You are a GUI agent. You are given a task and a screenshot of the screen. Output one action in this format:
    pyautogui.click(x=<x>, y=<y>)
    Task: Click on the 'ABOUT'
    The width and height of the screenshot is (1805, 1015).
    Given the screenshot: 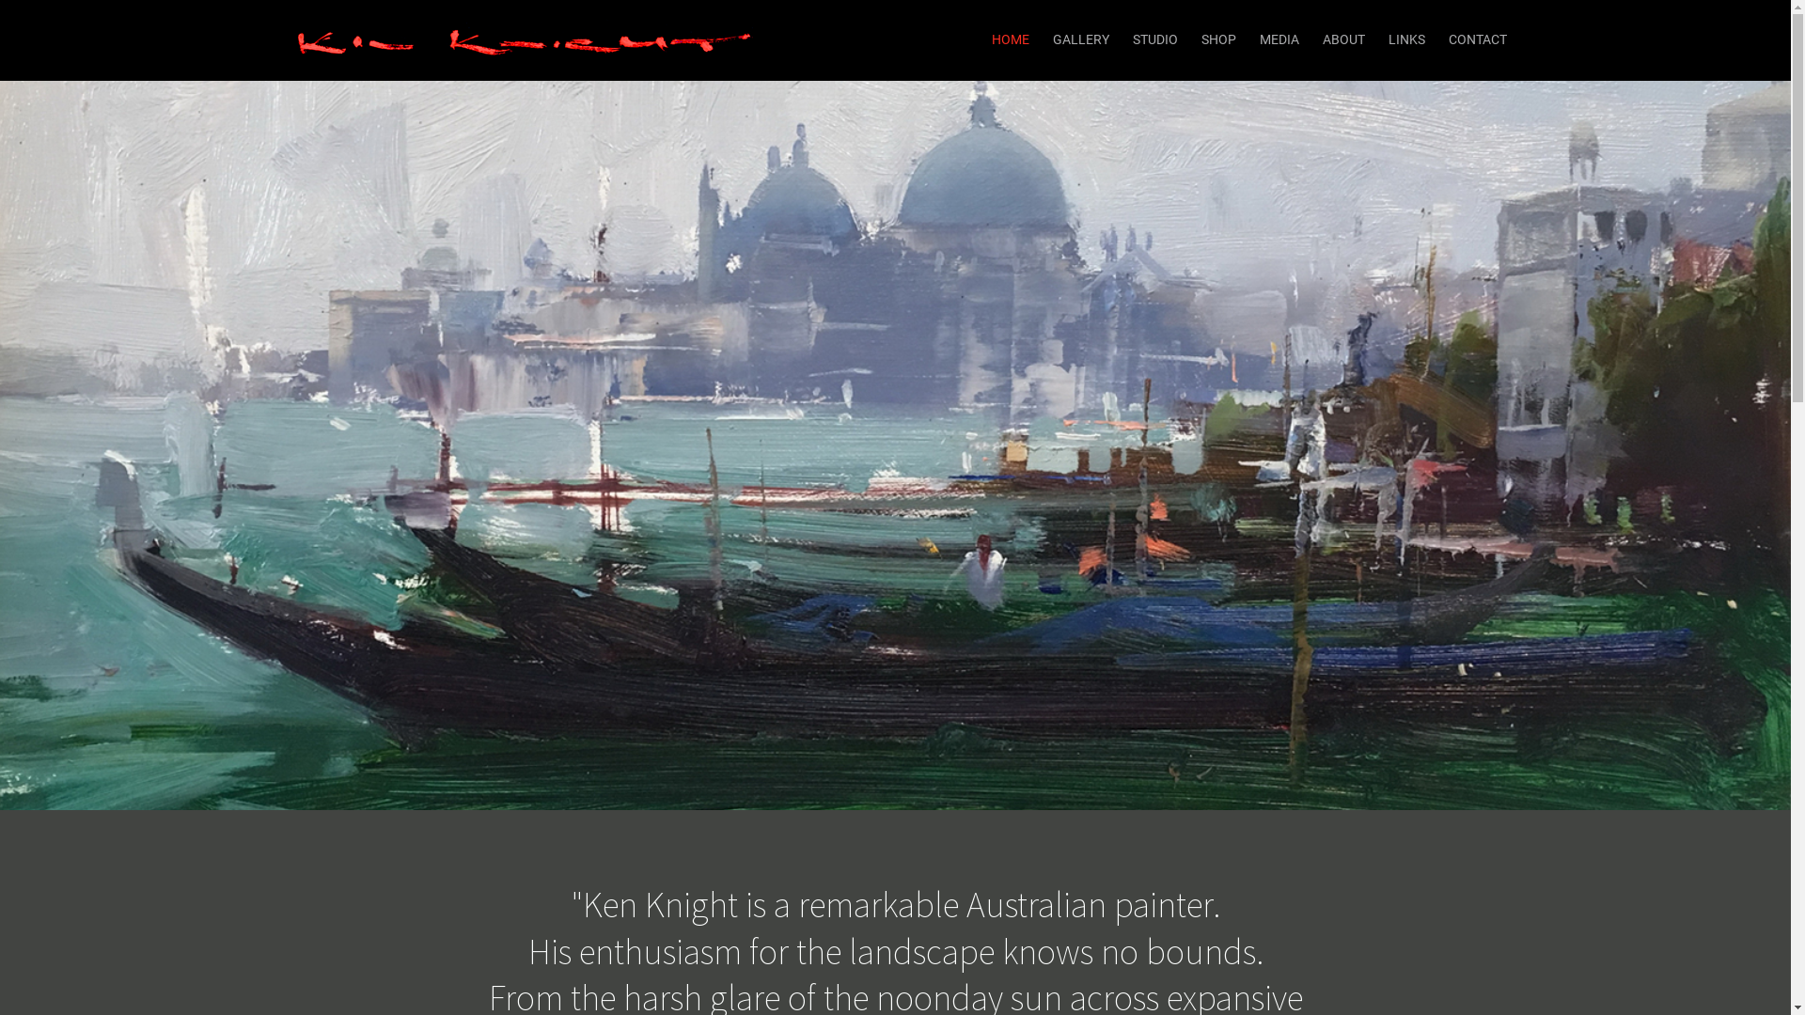 What is the action you would take?
    pyautogui.click(x=1342, y=39)
    